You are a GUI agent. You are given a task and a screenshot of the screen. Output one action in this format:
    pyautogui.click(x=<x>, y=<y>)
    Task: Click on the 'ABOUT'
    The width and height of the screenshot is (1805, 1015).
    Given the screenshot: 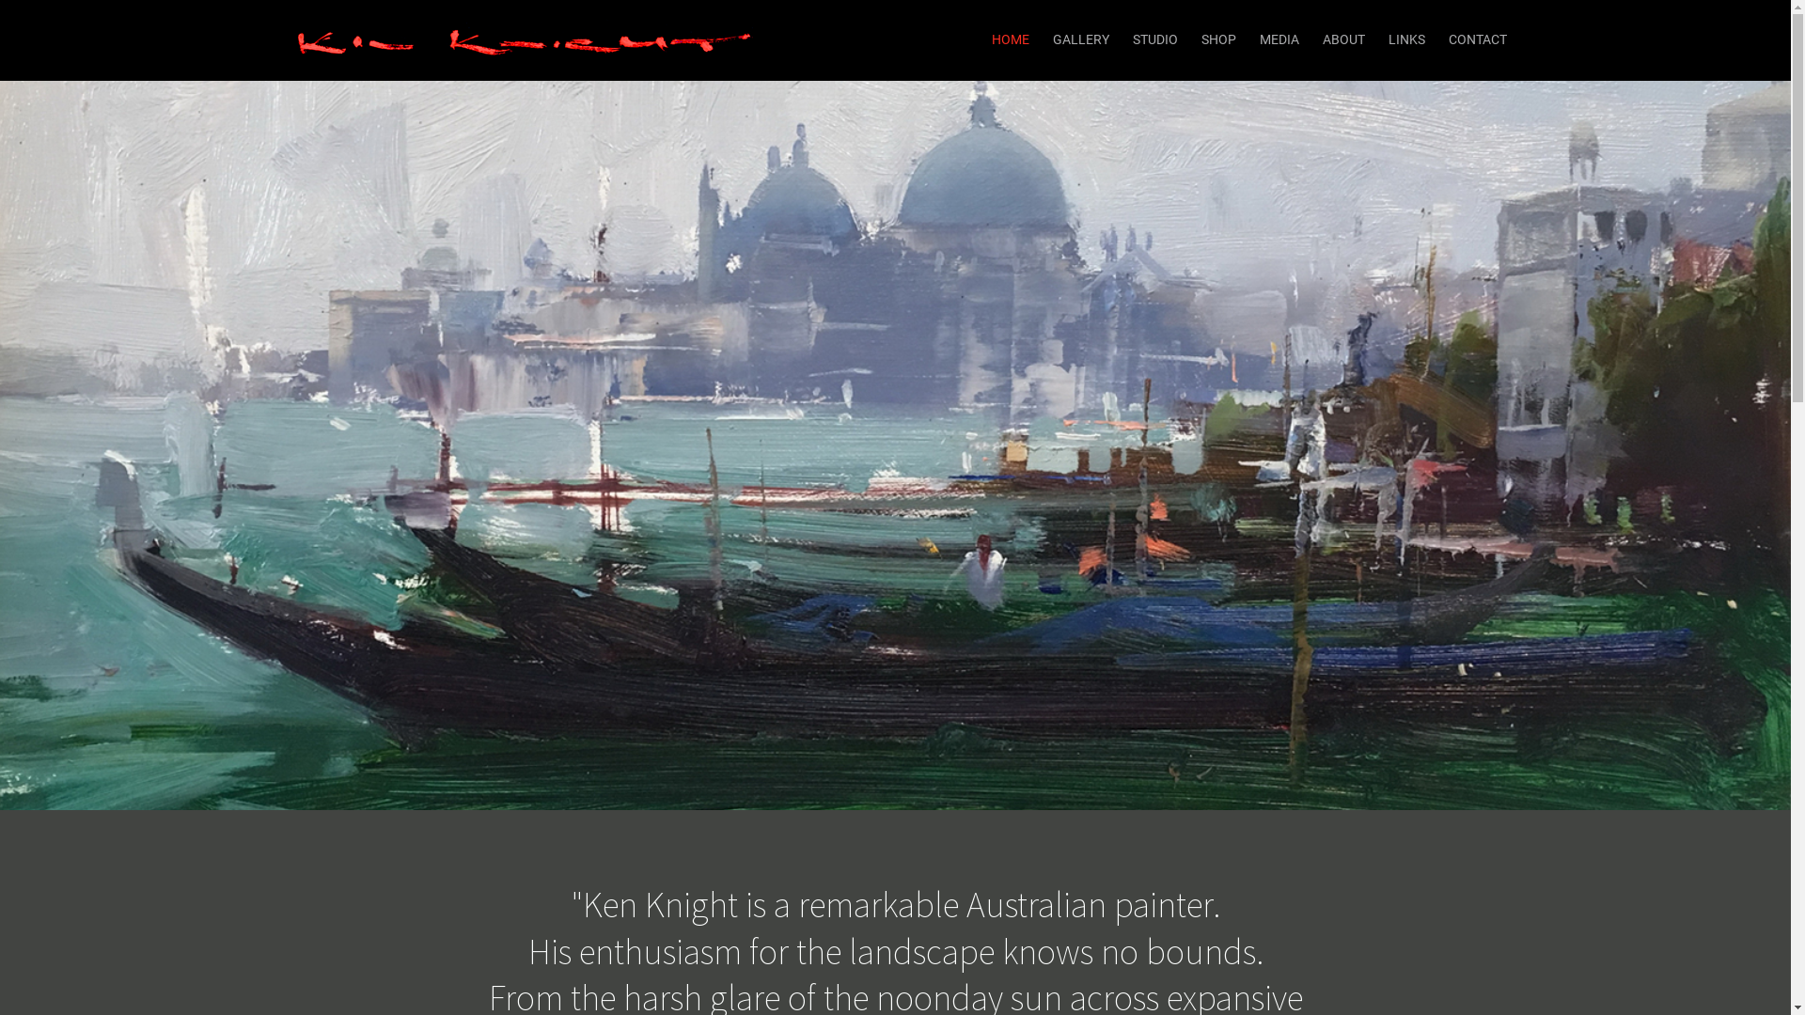 What is the action you would take?
    pyautogui.click(x=1342, y=39)
    